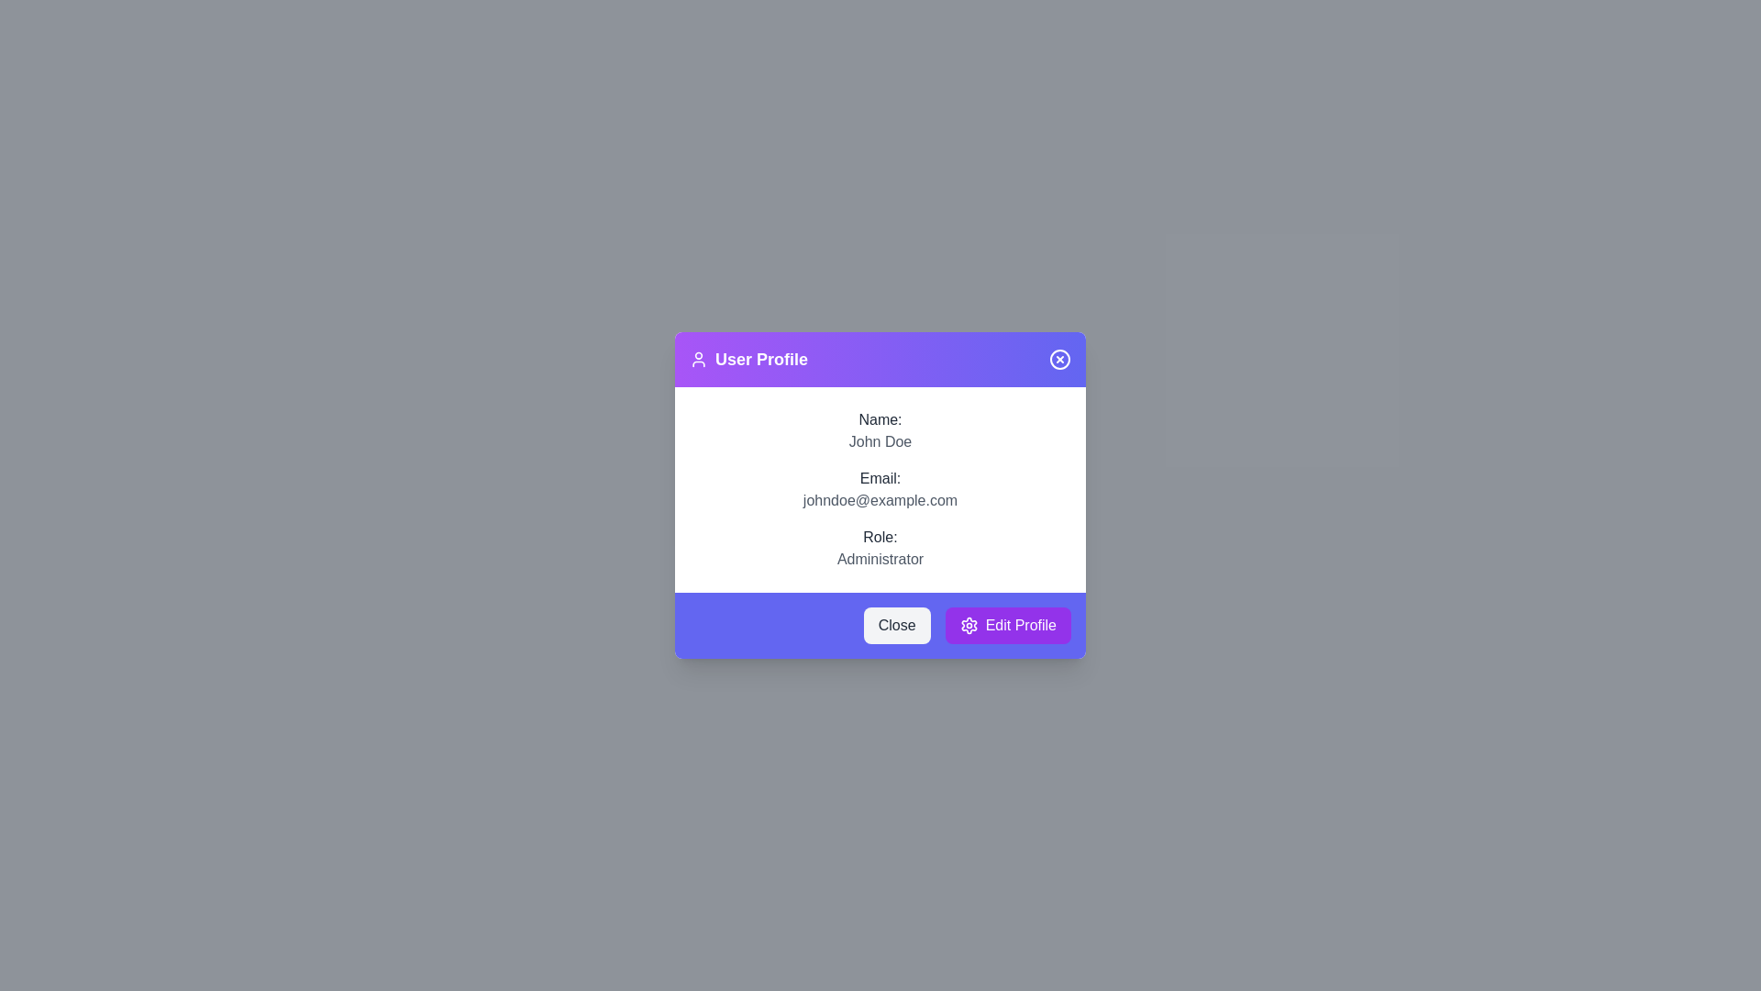 The height and width of the screenshot is (991, 1761). Describe the element at coordinates (880, 488) in the screenshot. I see `the 'Email:' text display in the User Profile modal dialog box, which contains the email address 'johndoe@example.com'` at that location.